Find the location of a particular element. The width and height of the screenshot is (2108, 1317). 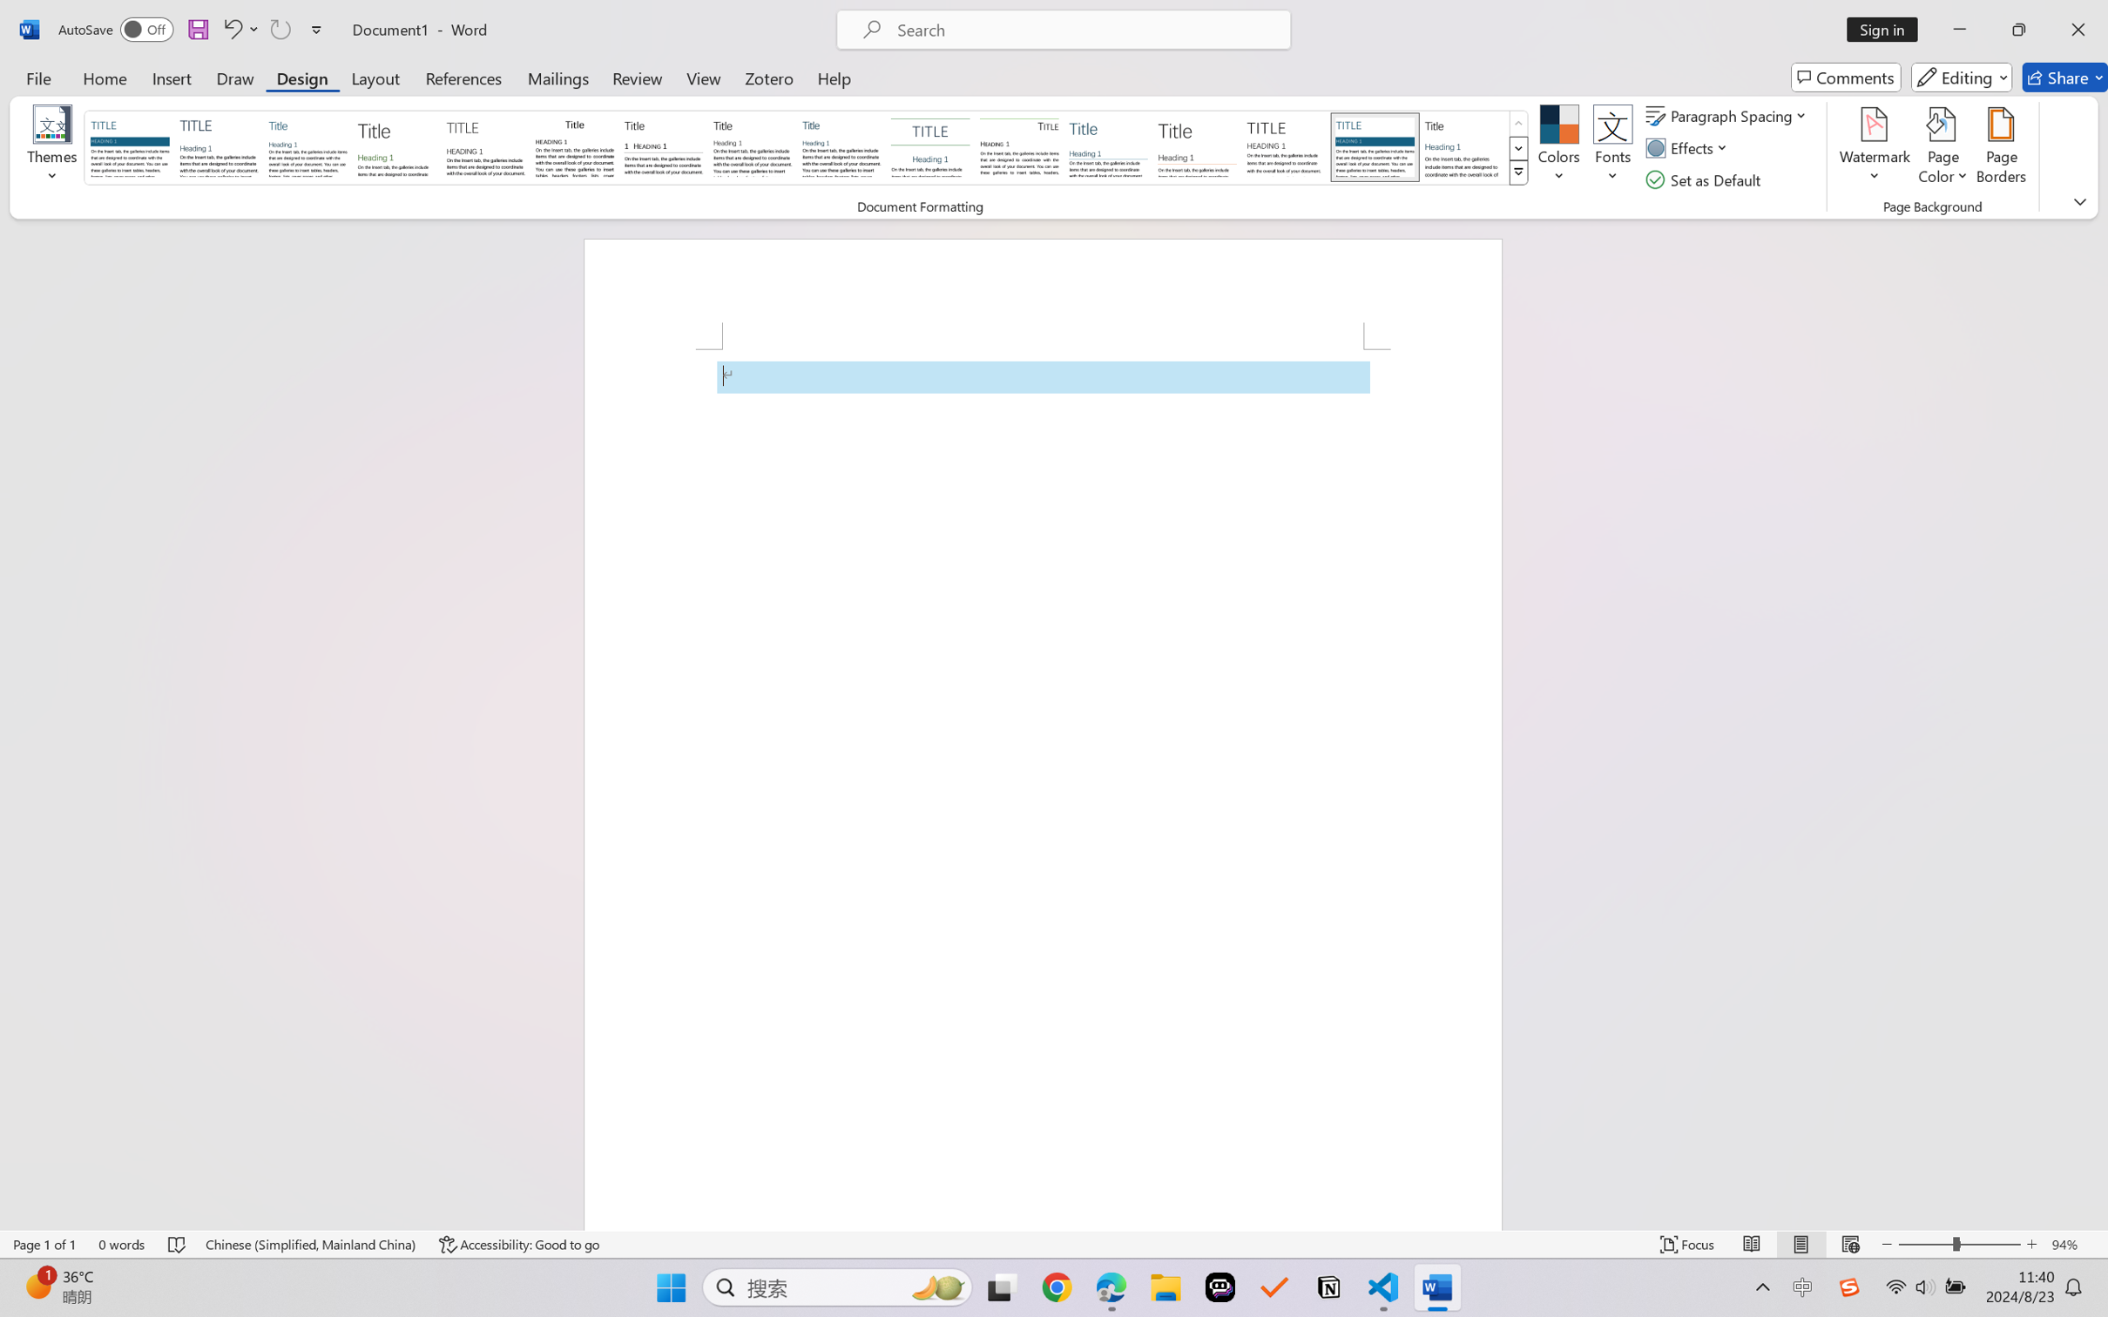

'Themes' is located at coordinates (52, 148).